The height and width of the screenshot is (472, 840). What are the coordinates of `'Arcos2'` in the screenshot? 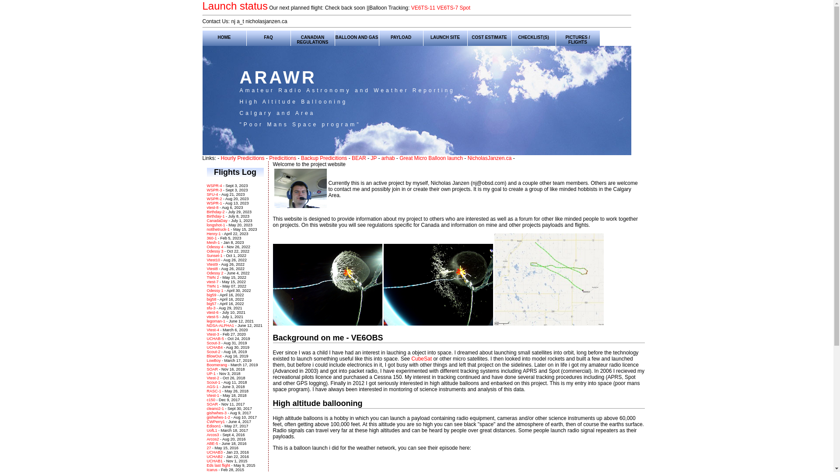 It's located at (206, 439).